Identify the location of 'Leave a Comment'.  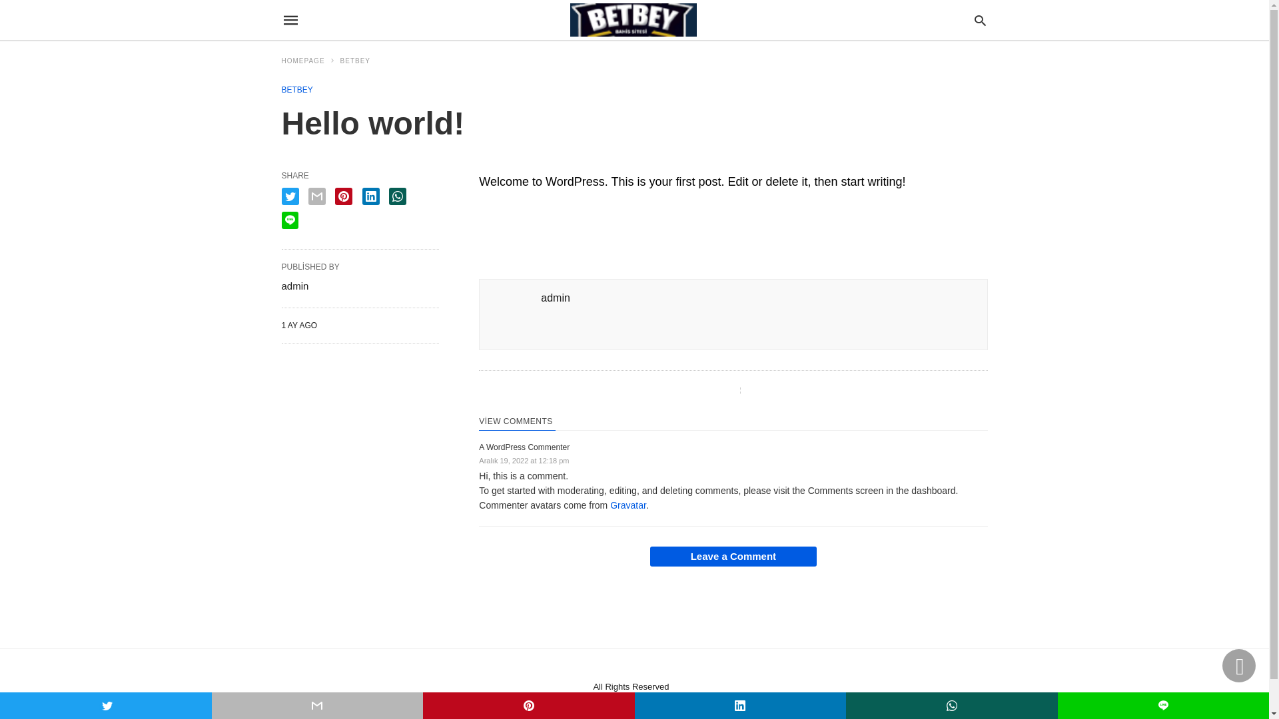
(732, 557).